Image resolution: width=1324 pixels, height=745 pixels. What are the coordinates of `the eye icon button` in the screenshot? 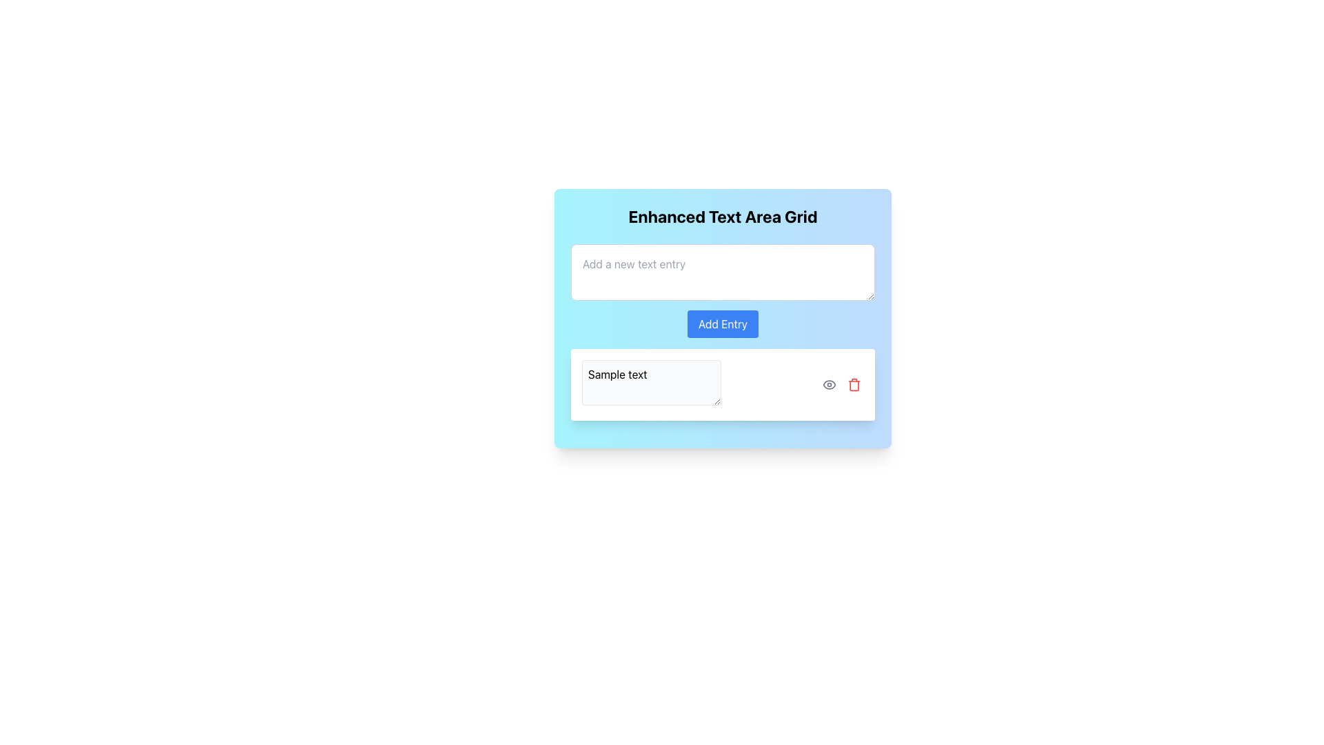 It's located at (829, 385).